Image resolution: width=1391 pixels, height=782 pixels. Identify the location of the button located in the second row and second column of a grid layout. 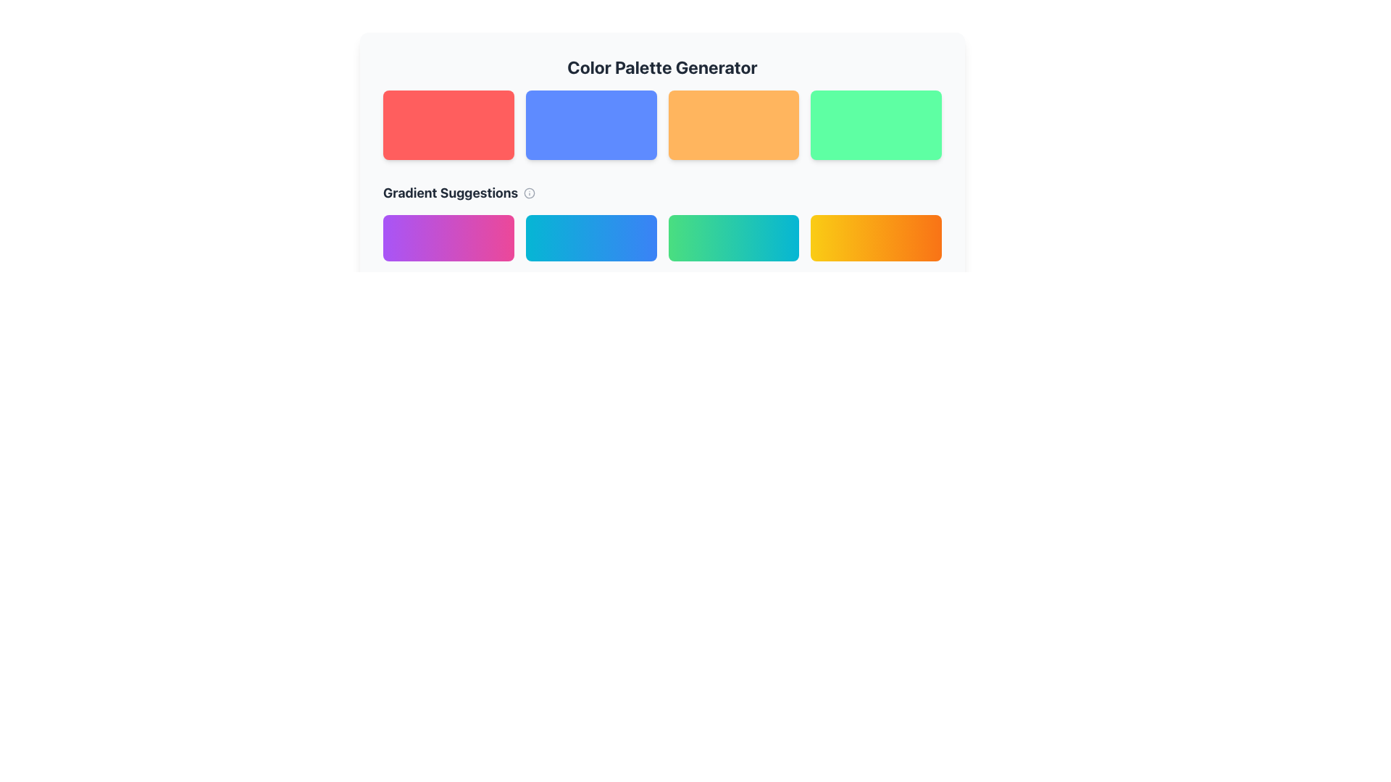
(591, 237).